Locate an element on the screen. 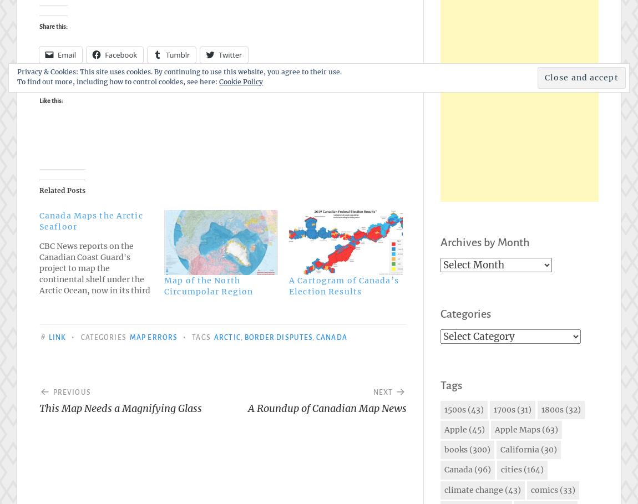 This screenshot has height=504, width=638. 'Archives by Month' is located at coordinates (485, 241).